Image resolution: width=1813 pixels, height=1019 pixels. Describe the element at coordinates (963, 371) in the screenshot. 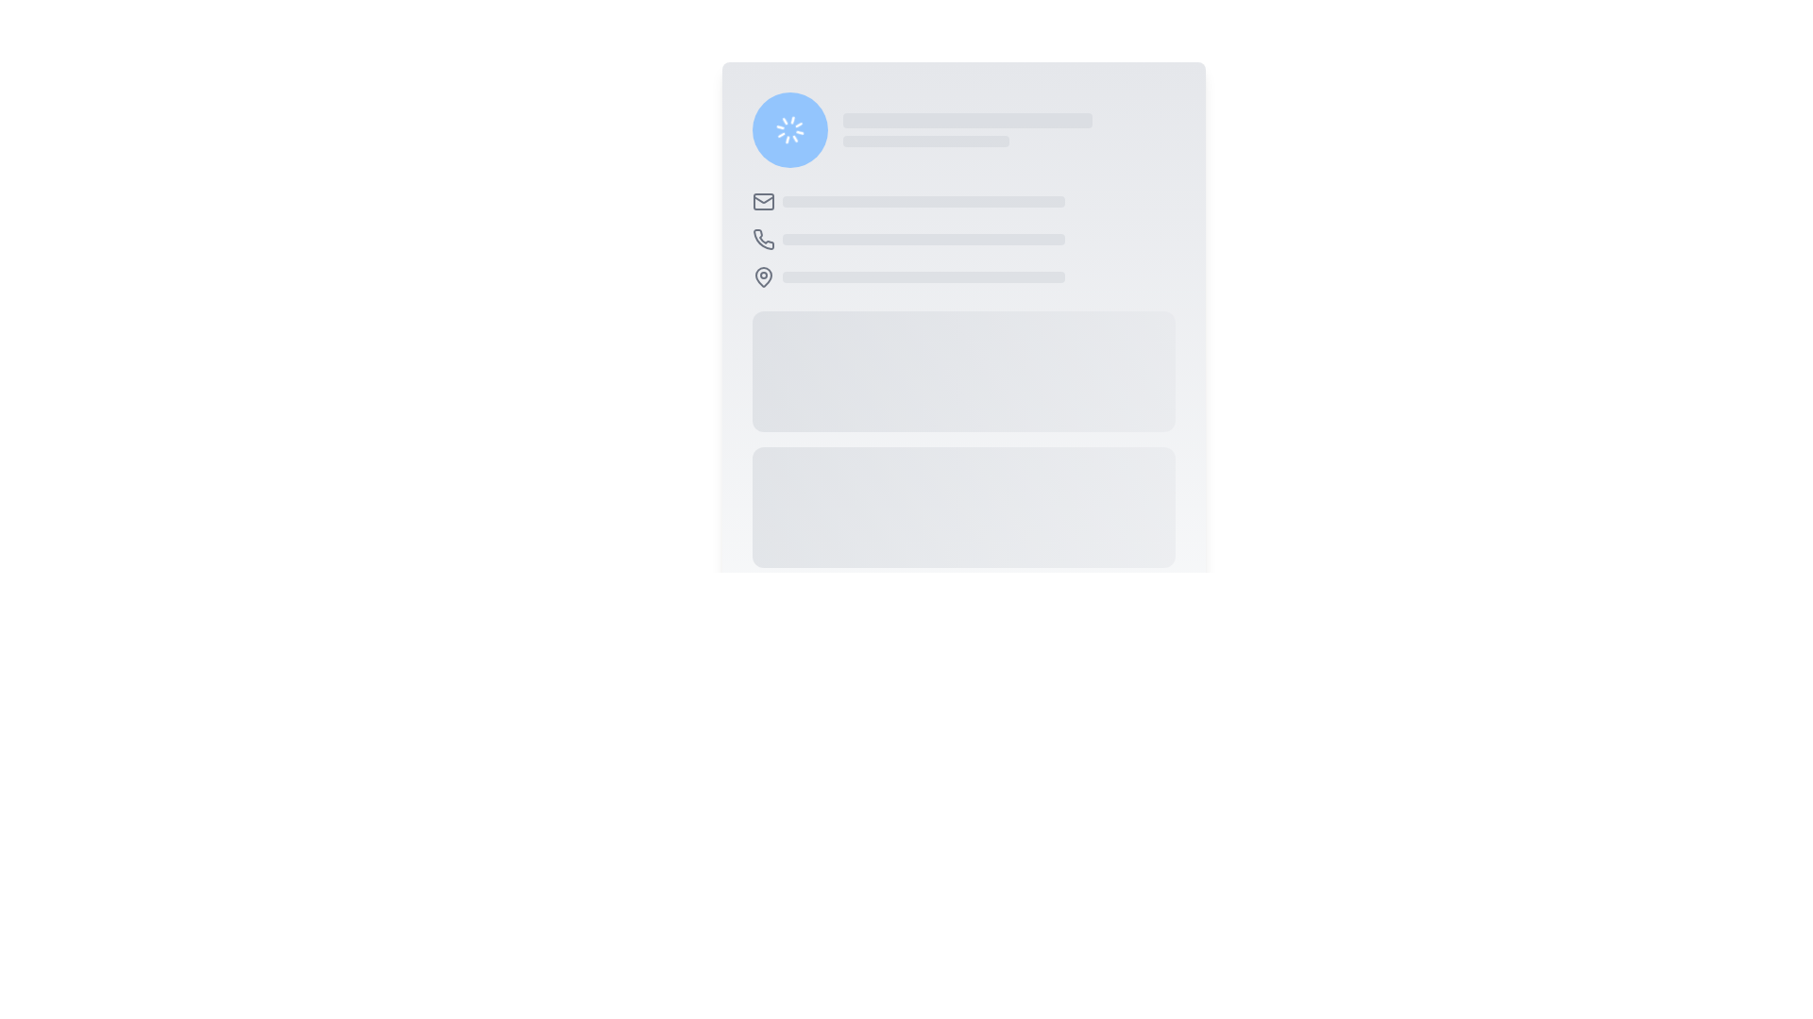

I see `the Placeholder block, which is the first rectangular element in a vertical layout, centrally located near the middle of the page` at that location.